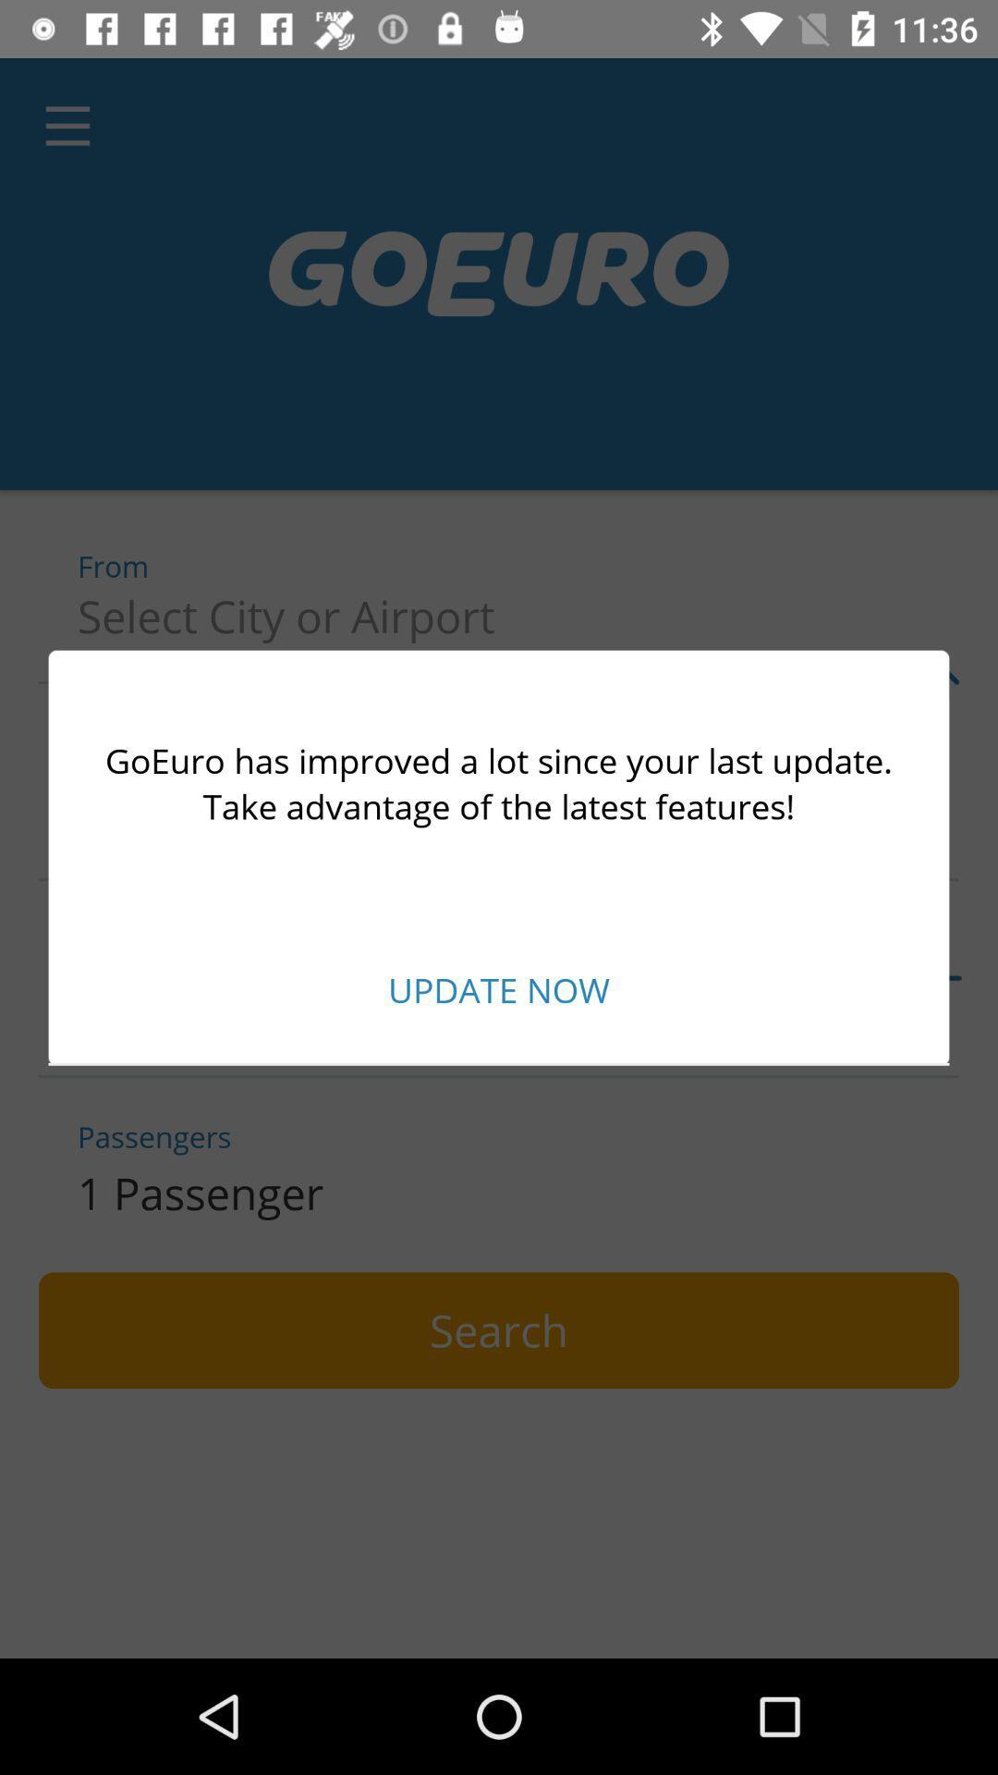 The width and height of the screenshot is (998, 1775). Describe the element at coordinates (499, 988) in the screenshot. I see `the update now item` at that location.